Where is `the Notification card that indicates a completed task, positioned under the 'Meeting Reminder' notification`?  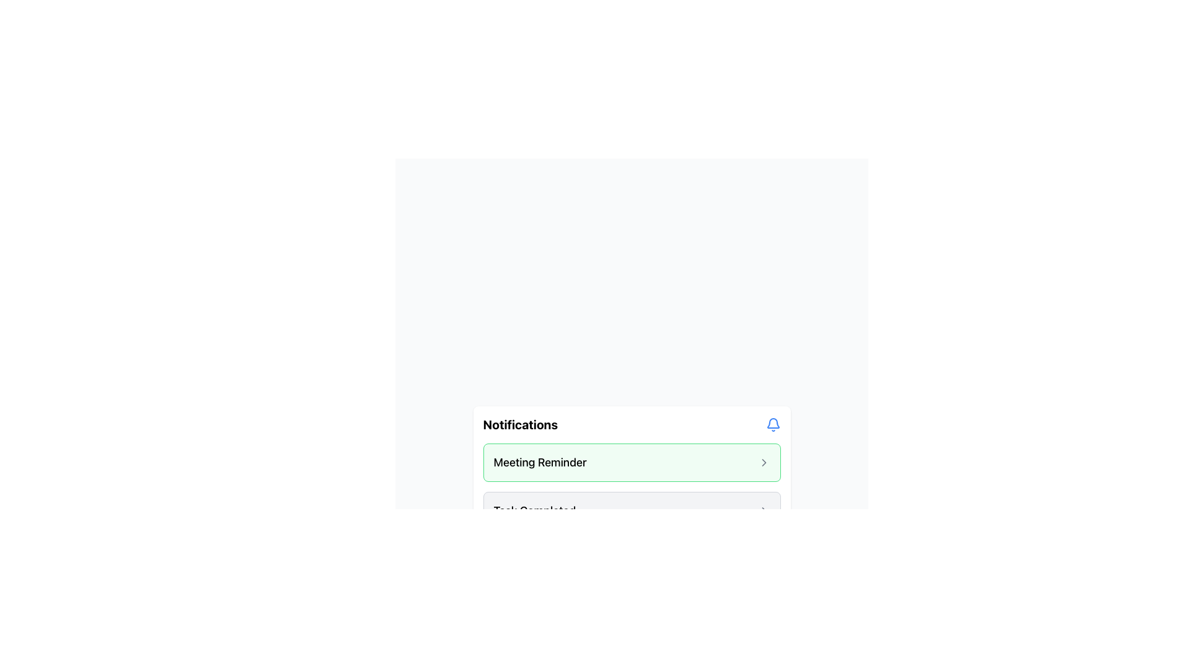 the Notification card that indicates a completed task, positioned under the 'Meeting Reminder' notification is located at coordinates (632, 511).